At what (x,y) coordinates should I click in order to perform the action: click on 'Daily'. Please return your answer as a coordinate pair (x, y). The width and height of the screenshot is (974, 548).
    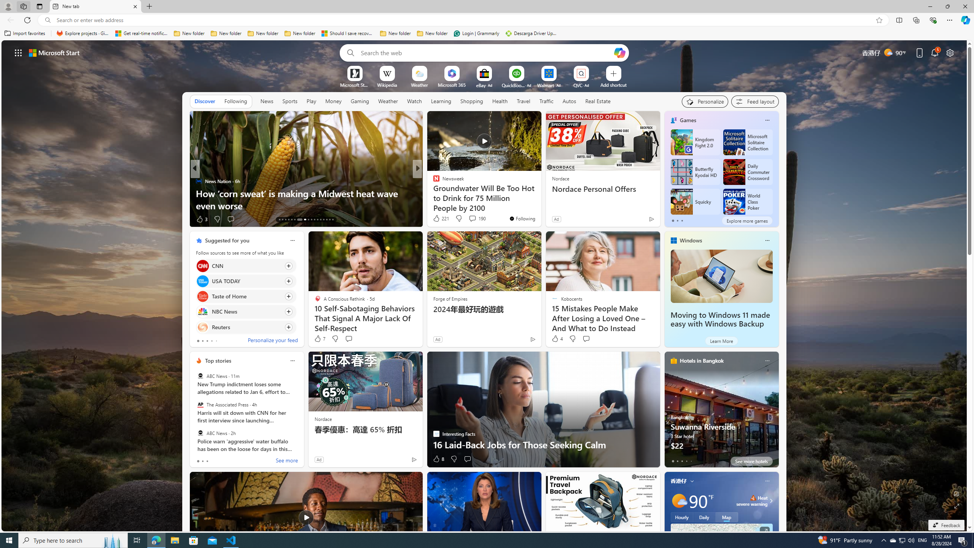
    Looking at the image, I should click on (704, 517).